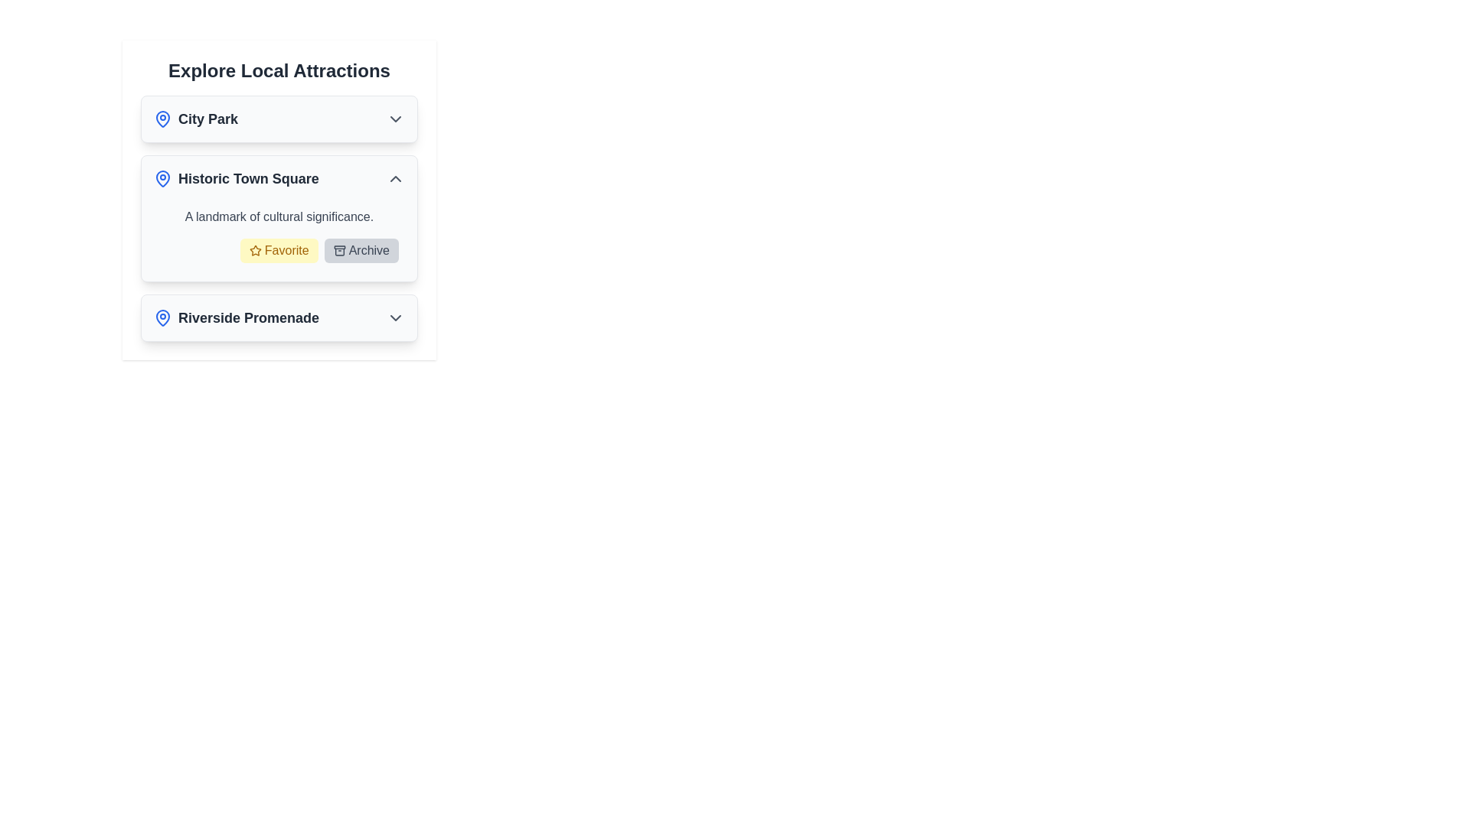 This screenshot has width=1470, height=826. Describe the element at coordinates (255, 249) in the screenshot. I see `the star icon within the yellow 'Favorite' button located in the details section for 'Historic Town Square'` at that location.